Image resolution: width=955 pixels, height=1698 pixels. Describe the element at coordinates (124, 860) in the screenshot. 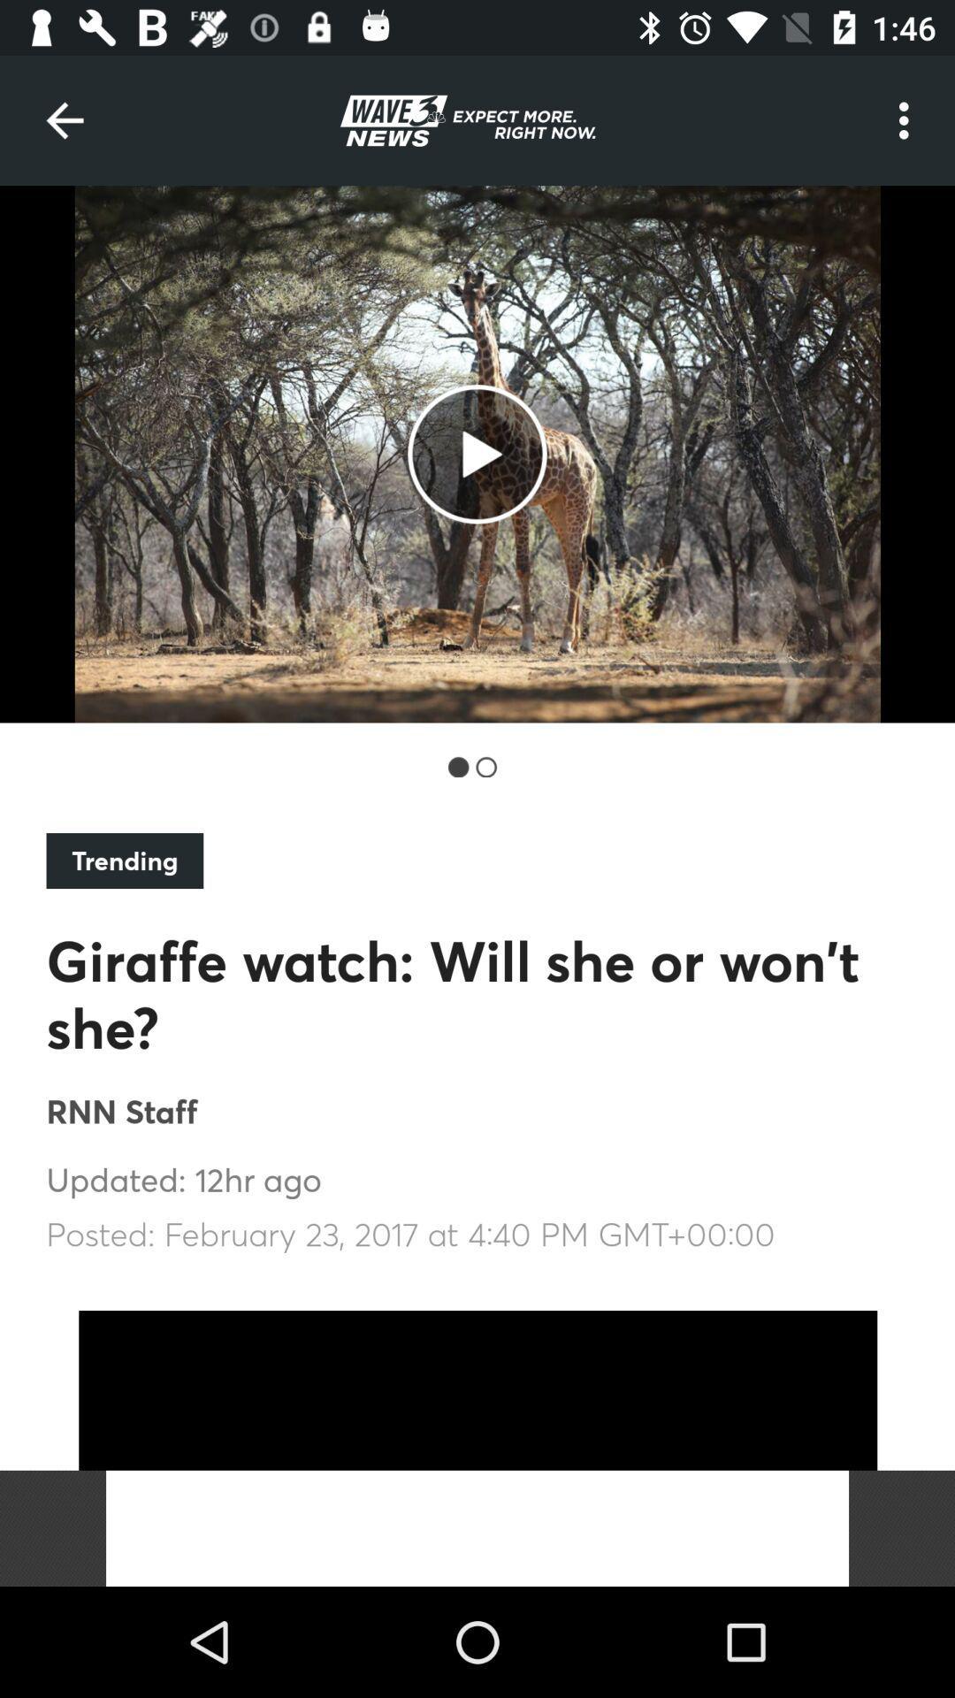

I see `the item above the giraffe watch will` at that location.